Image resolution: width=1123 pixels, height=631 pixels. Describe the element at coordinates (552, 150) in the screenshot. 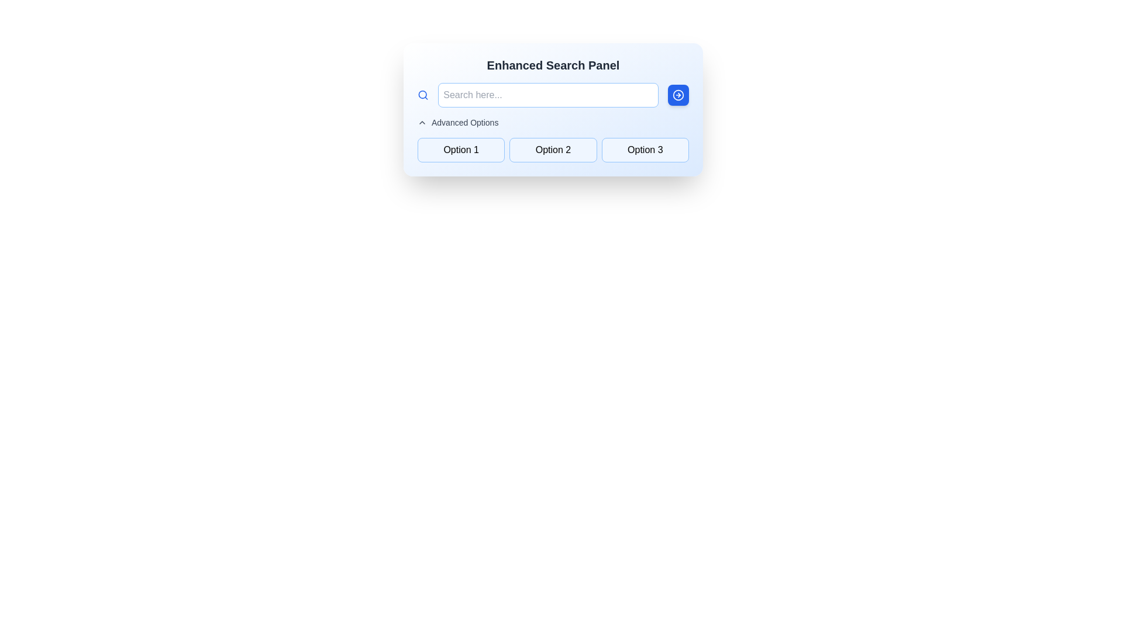

I see `the 'Option 2' button located` at that location.